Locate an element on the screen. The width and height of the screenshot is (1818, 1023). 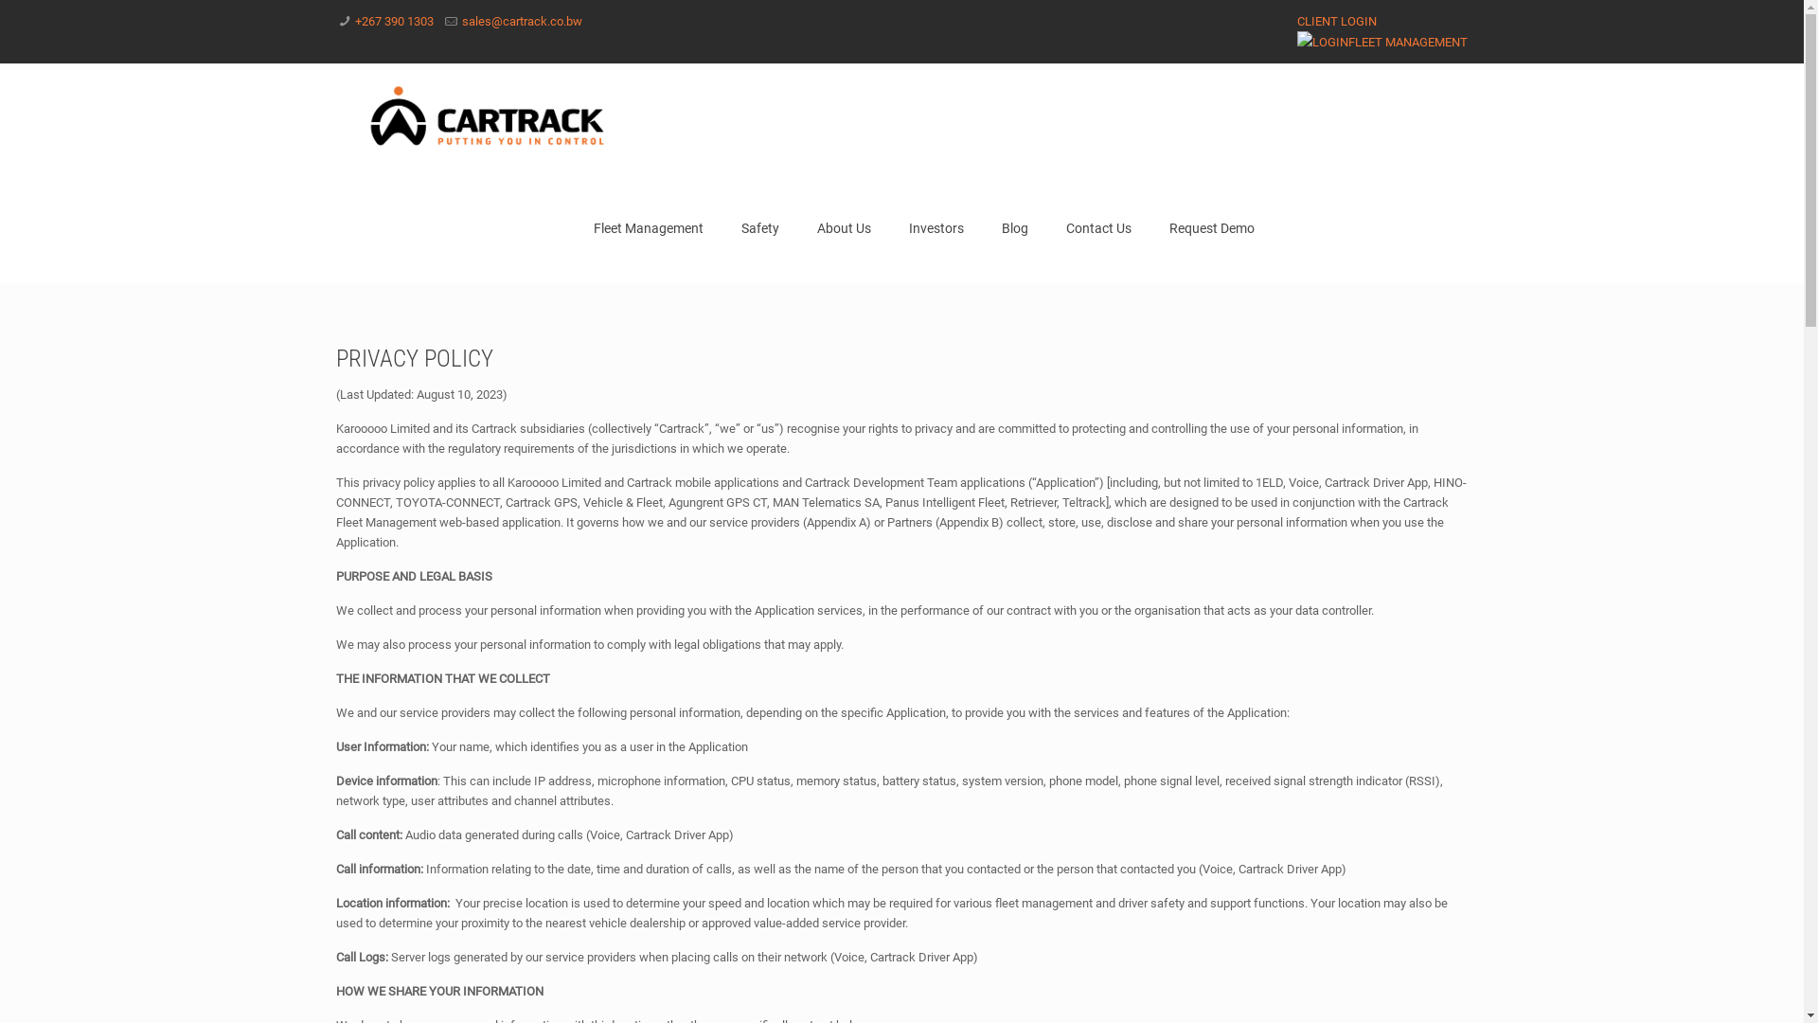
'Cartrack Botswana' is located at coordinates (488, 117).